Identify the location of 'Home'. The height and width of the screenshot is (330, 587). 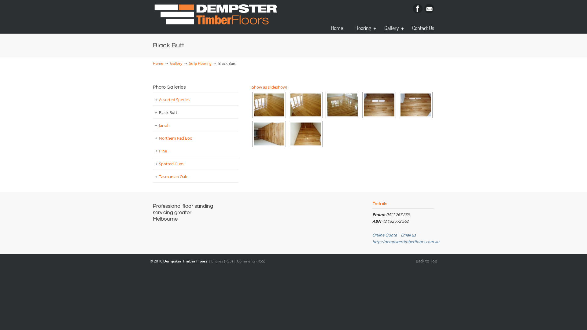
(337, 28).